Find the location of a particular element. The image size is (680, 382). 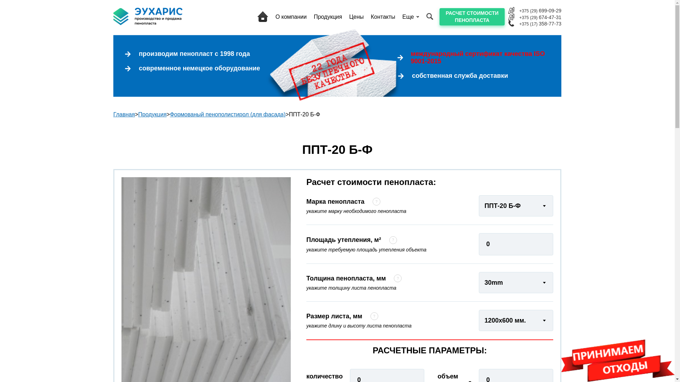

'+375 (29) 699-09-29' is located at coordinates (538, 11).